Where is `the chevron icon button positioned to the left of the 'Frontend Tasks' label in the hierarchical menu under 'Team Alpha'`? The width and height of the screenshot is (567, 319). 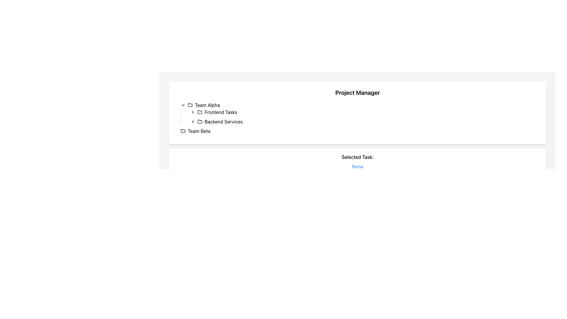 the chevron icon button positioned to the left of the 'Frontend Tasks' label in the hierarchical menu under 'Team Alpha' is located at coordinates (193, 112).